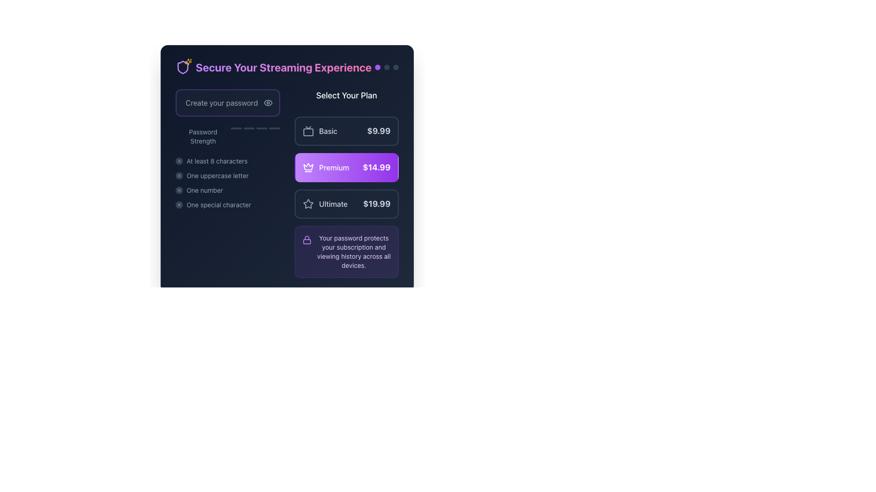 This screenshot has width=876, height=492. I want to click on the decorative star icon with a sparkles-like outline and yellow fill, located adjacent to the shield icon in the header, so click(188, 61).